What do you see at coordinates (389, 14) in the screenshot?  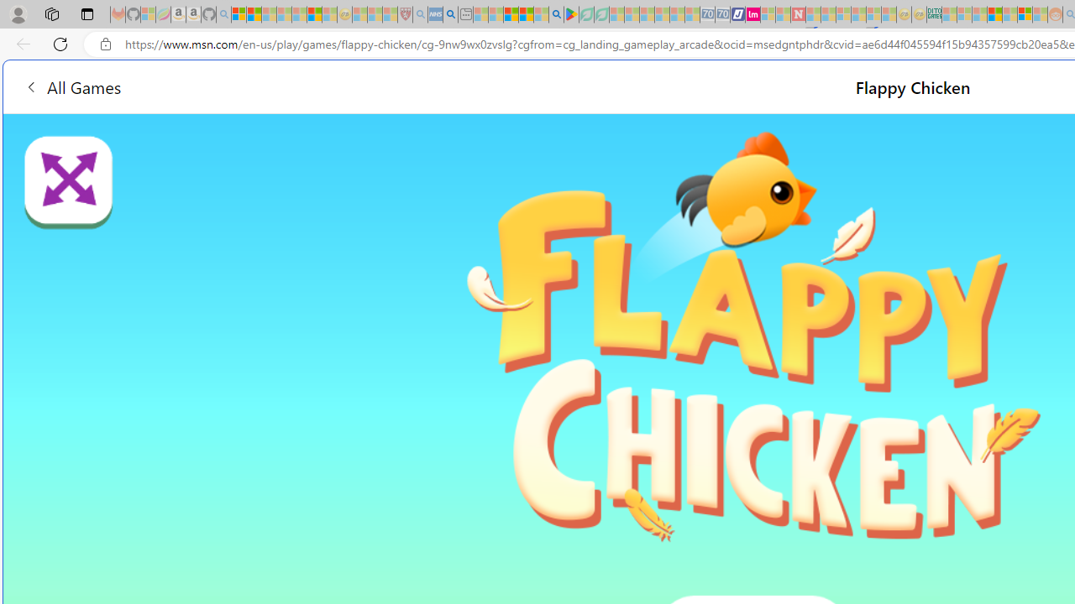 I see `'Local - MSN - Sleeping'` at bounding box center [389, 14].